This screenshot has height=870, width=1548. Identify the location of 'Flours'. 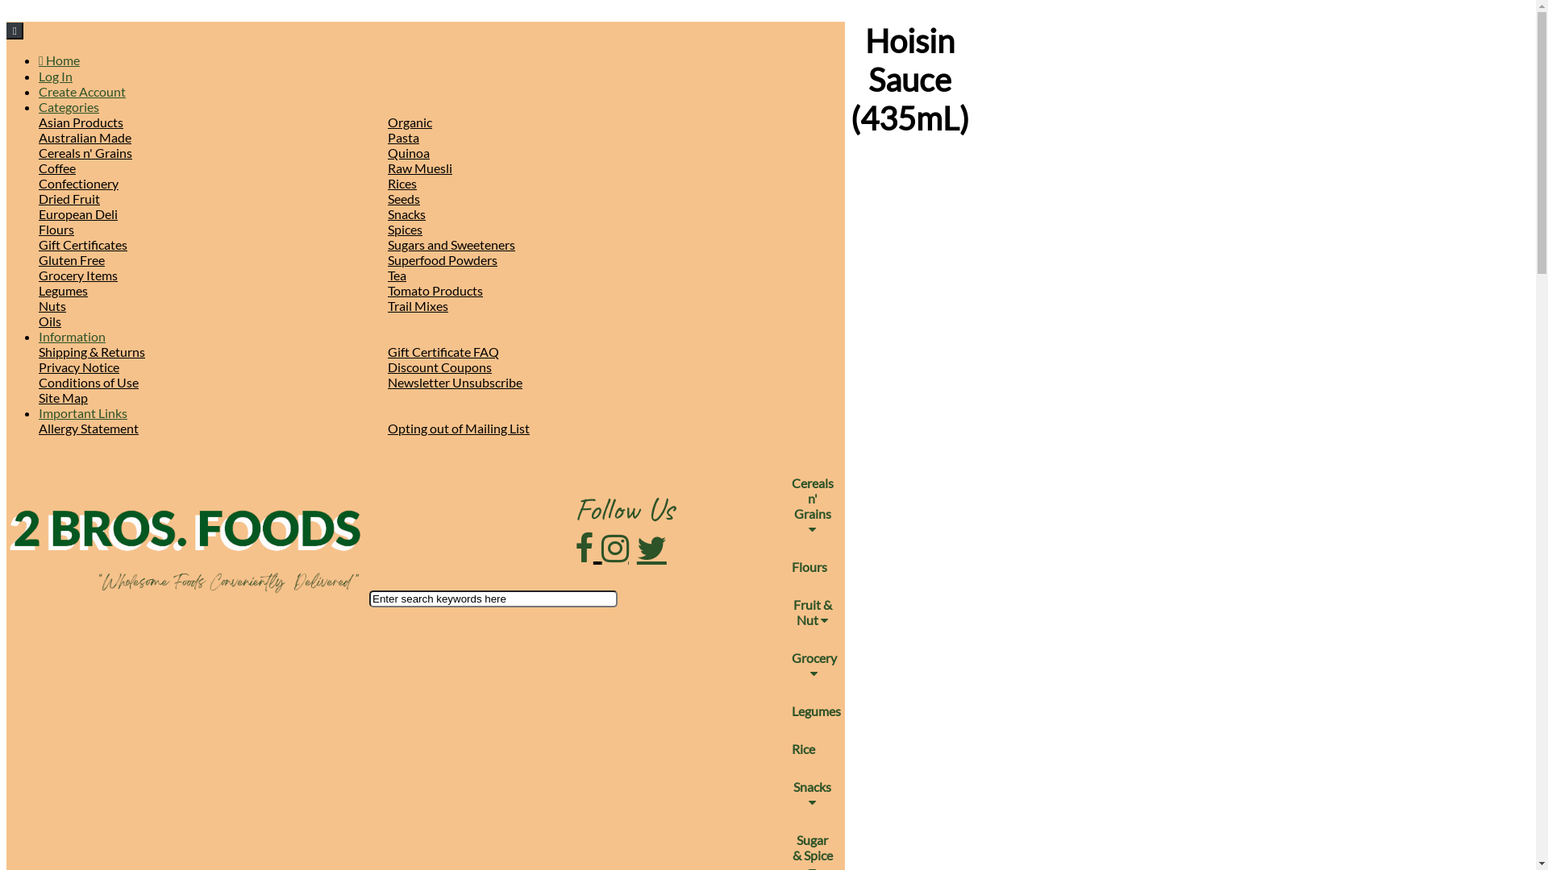
(56, 229).